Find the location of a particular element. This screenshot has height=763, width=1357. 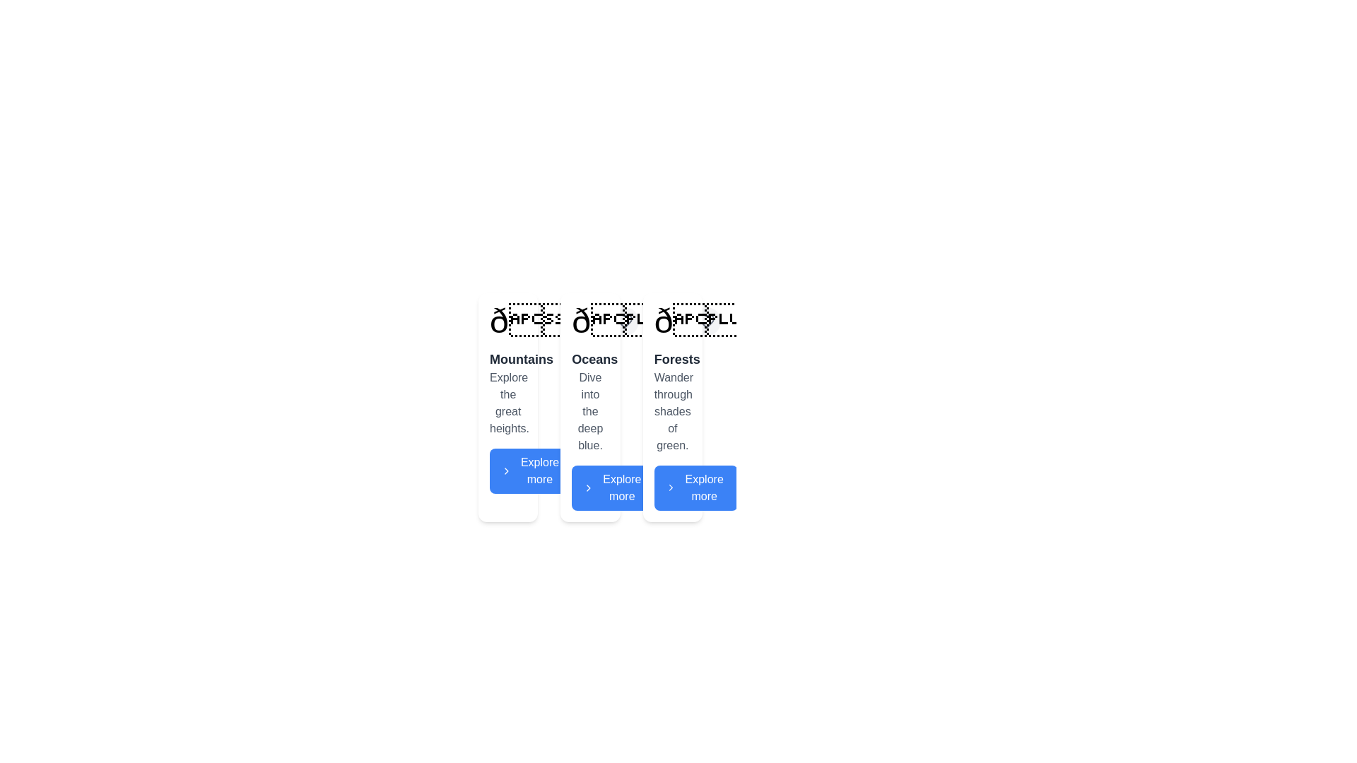

the 'Forests' themed graphical icon located at the top center of the third column in the card layout is located at coordinates (703, 321).